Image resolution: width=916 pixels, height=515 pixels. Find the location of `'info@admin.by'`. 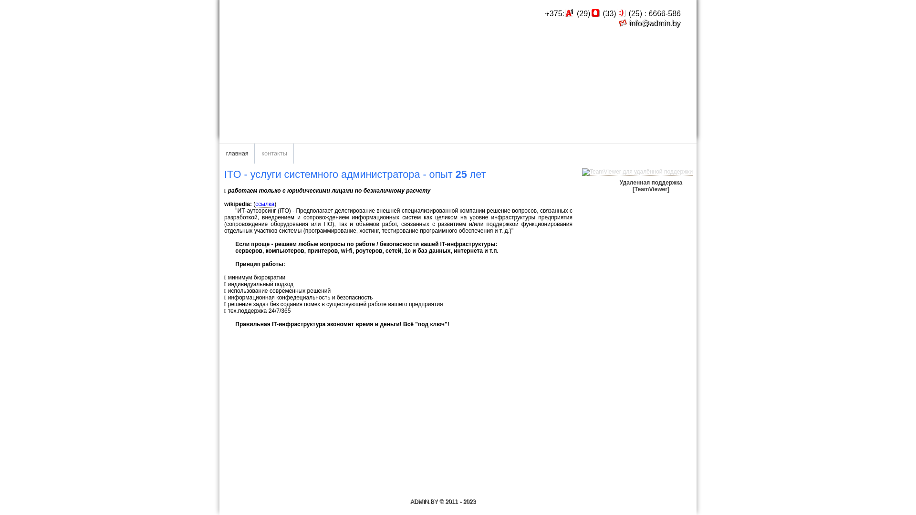

'info@admin.by' is located at coordinates (649, 22).